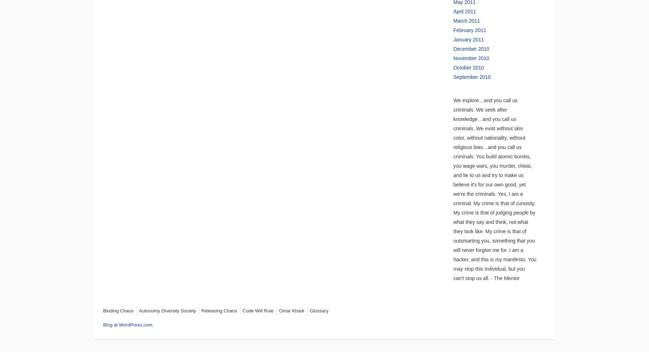  I want to click on 'Menu', so click(127, 315).